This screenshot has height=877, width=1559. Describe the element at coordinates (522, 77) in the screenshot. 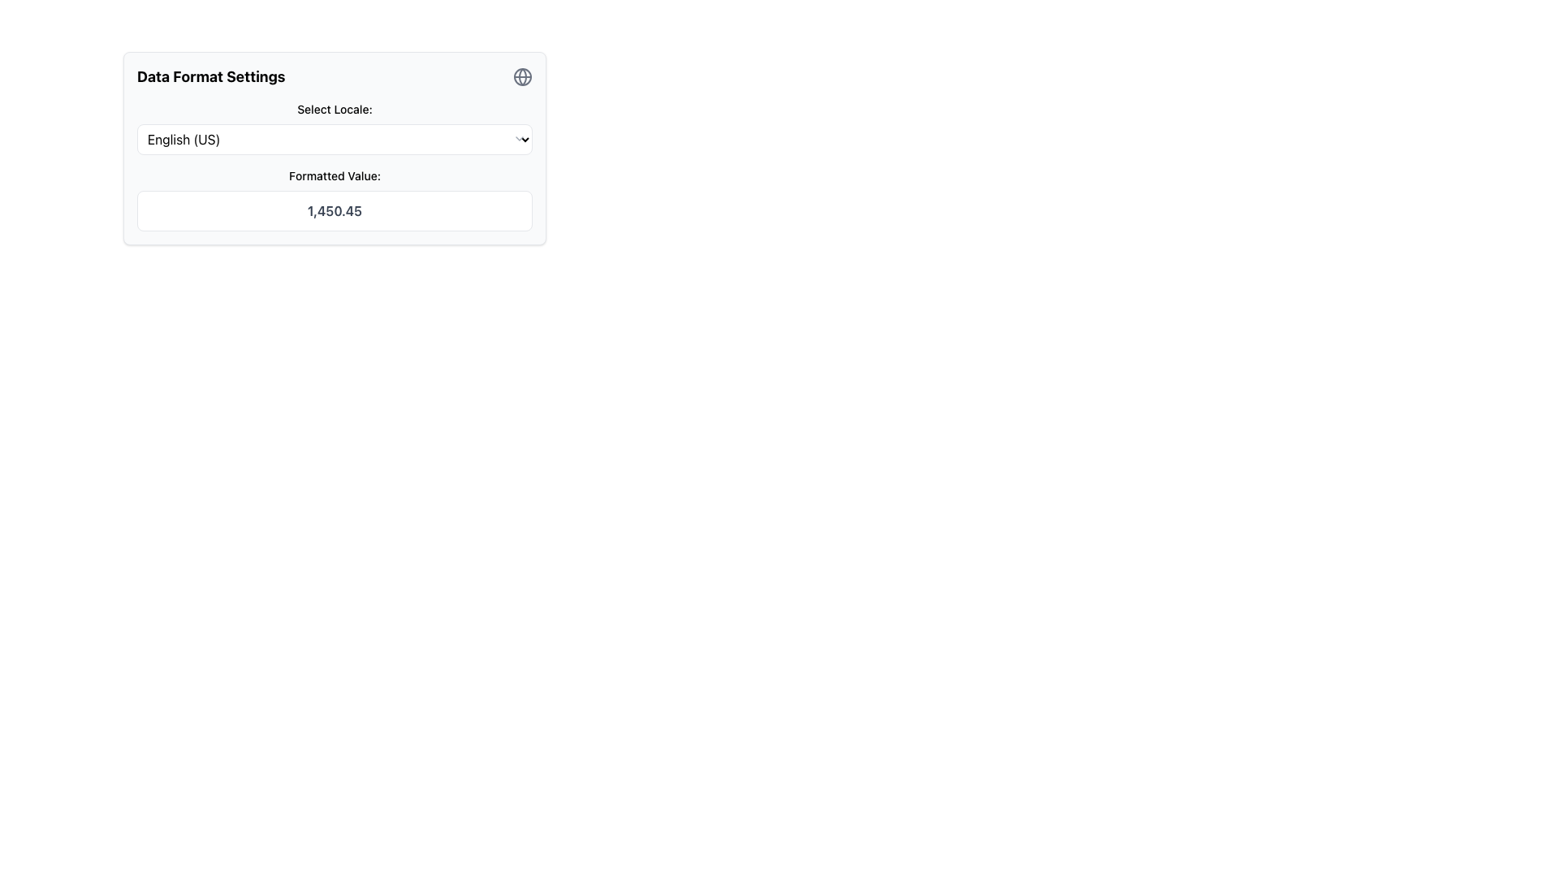

I see `the circular component within the top-right corner of the 'Data Format Settings' card's SVG icon` at that location.